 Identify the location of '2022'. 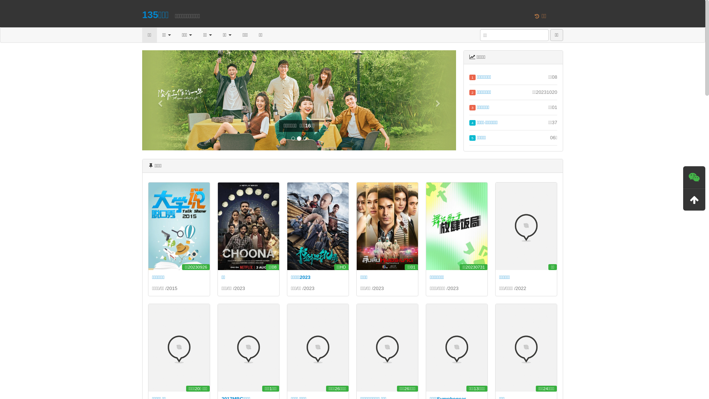
(520, 288).